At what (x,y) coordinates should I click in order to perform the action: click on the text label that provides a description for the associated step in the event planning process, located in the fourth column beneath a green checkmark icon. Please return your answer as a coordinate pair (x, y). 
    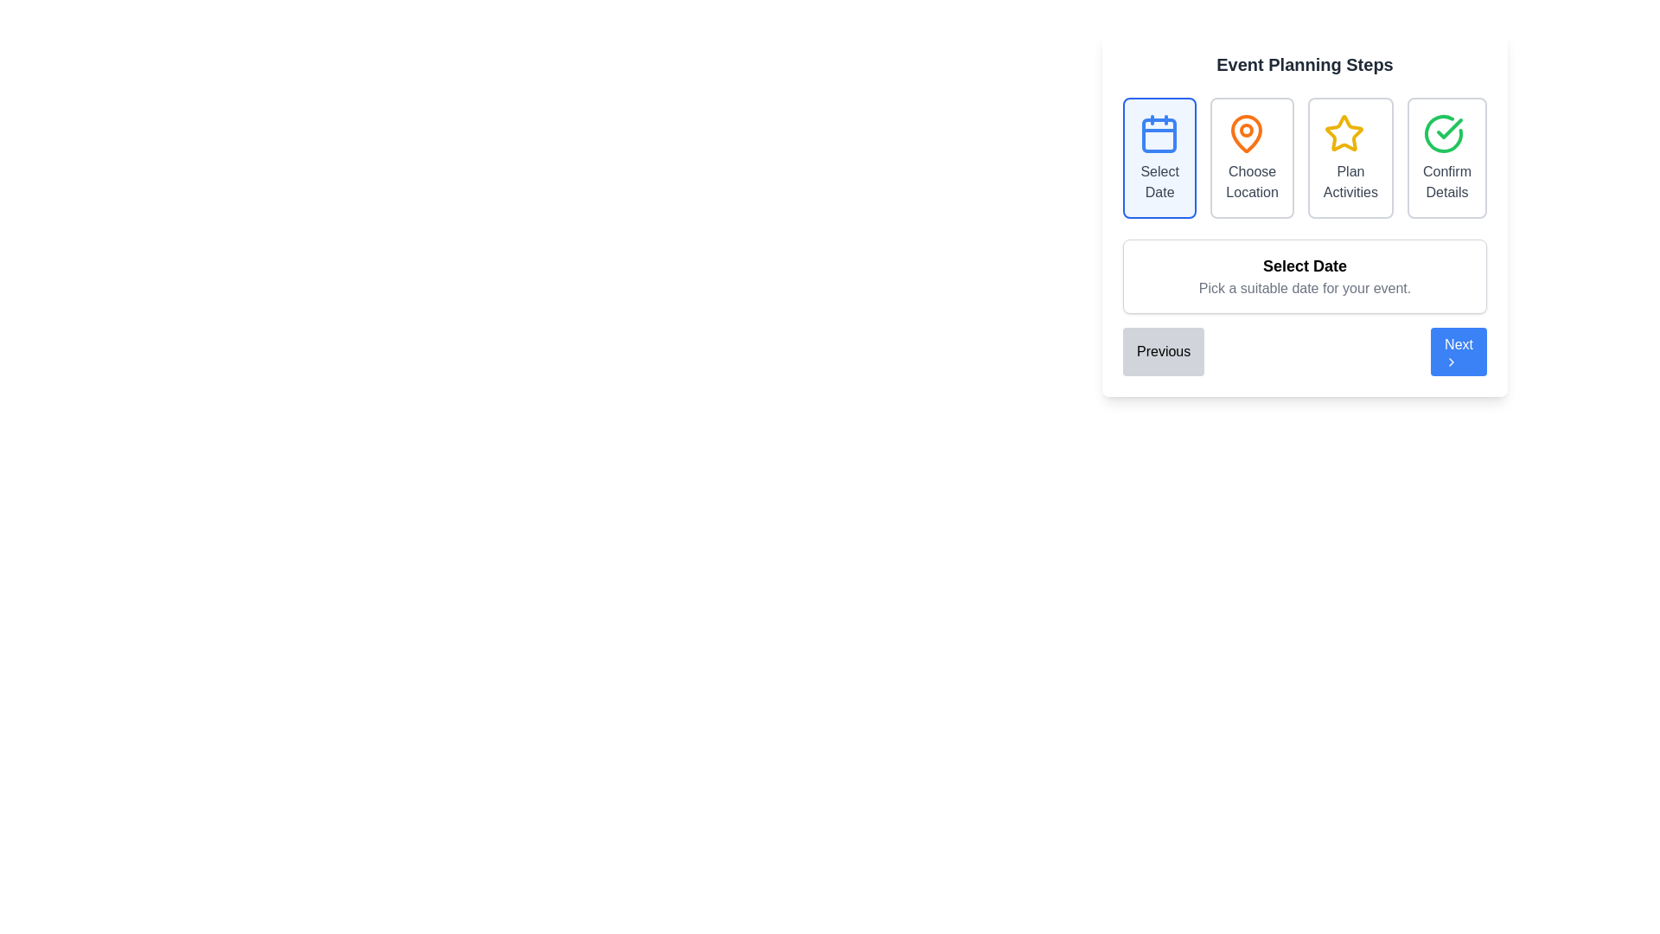
    Looking at the image, I should click on (1447, 182).